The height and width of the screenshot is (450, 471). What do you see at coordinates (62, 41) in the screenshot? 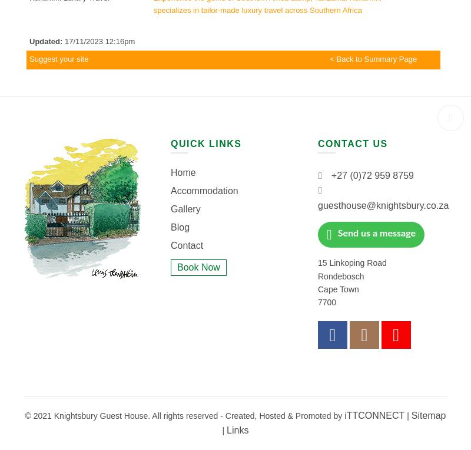
I see `'17/11/2023 12:16pm'` at bounding box center [62, 41].